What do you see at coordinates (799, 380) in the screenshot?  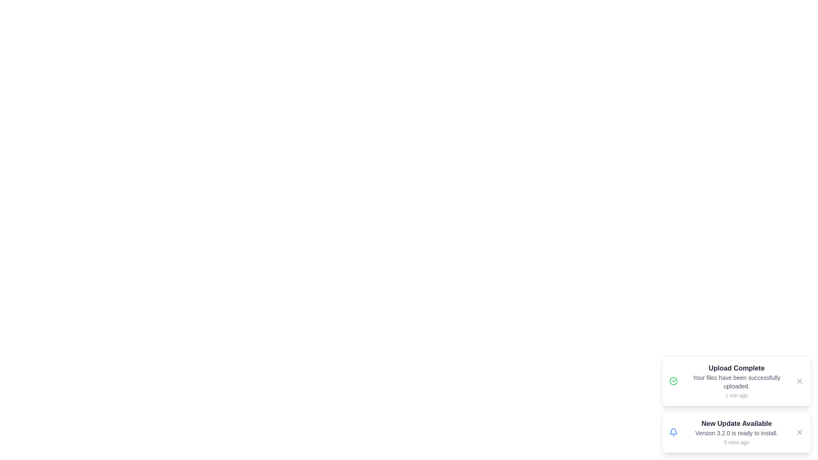 I see `the dismiss button with an icon located at the top-right corner of the 'Upload Complete' notification card` at bounding box center [799, 380].